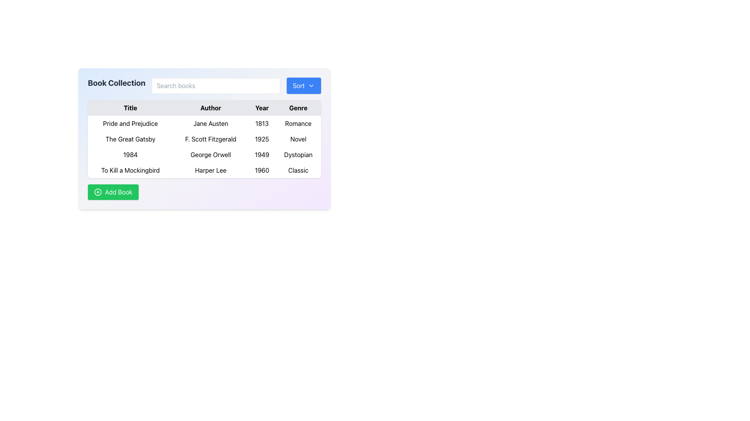 This screenshot has height=421, width=750. What do you see at coordinates (303, 85) in the screenshot?
I see `the blue 'Sort' button with white text and a downward-pointing chevron icon` at bounding box center [303, 85].